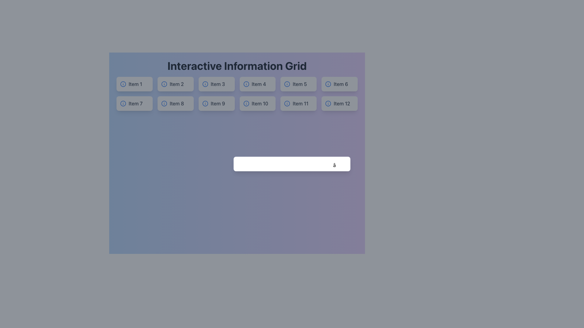 This screenshot has height=328, width=584. What do you see at coordinates (123, 84) in the screenshot?
I see `the circular icon within the button labeled 'Item 1' for more details` at bounding box center [123, 84].